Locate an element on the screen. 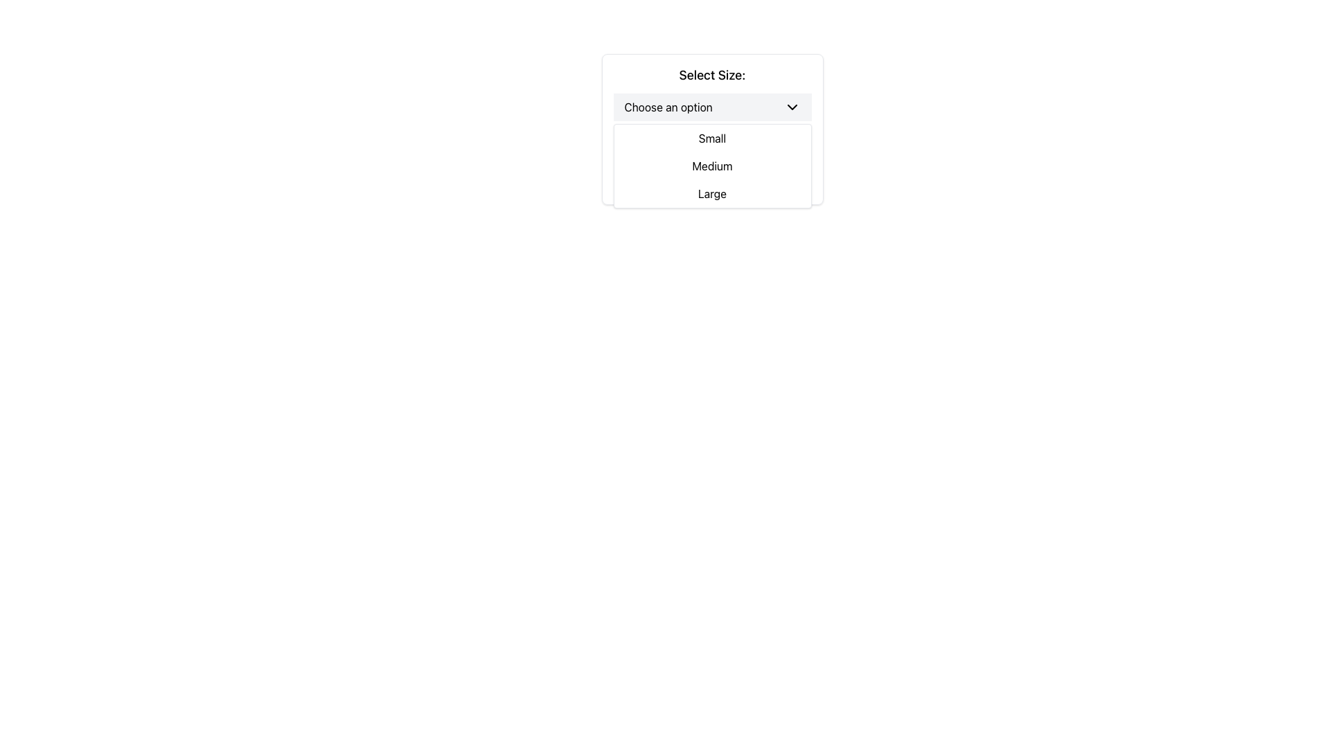 The height and width of the screenshot is (748, 1330). the first item in the dropdown menu that allows users to select the 'Small' size option is located at coordinates (712, 139).